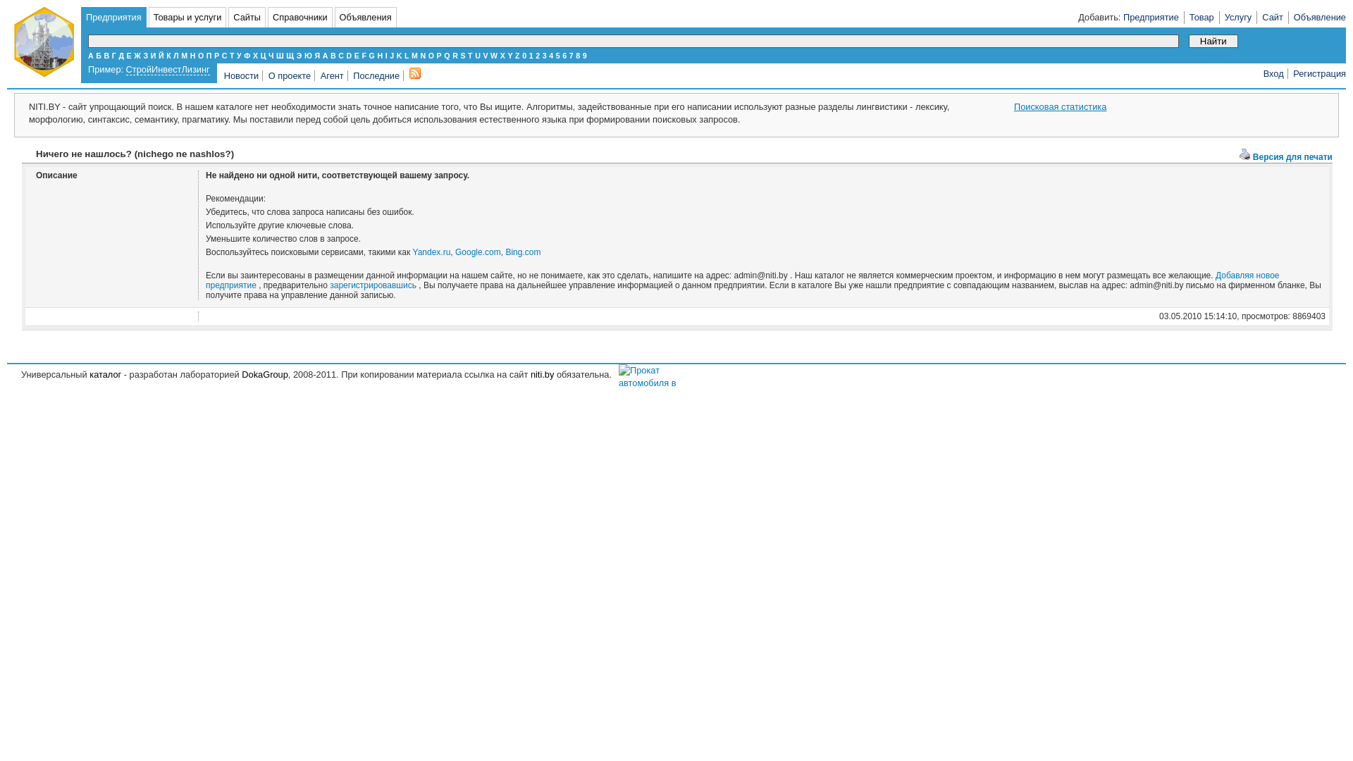 This screenshot has height=761, width=1353. What do you see at coordinates (398, 54) in the screenshot?
I see `'K'` at bounding box center [398, 54].